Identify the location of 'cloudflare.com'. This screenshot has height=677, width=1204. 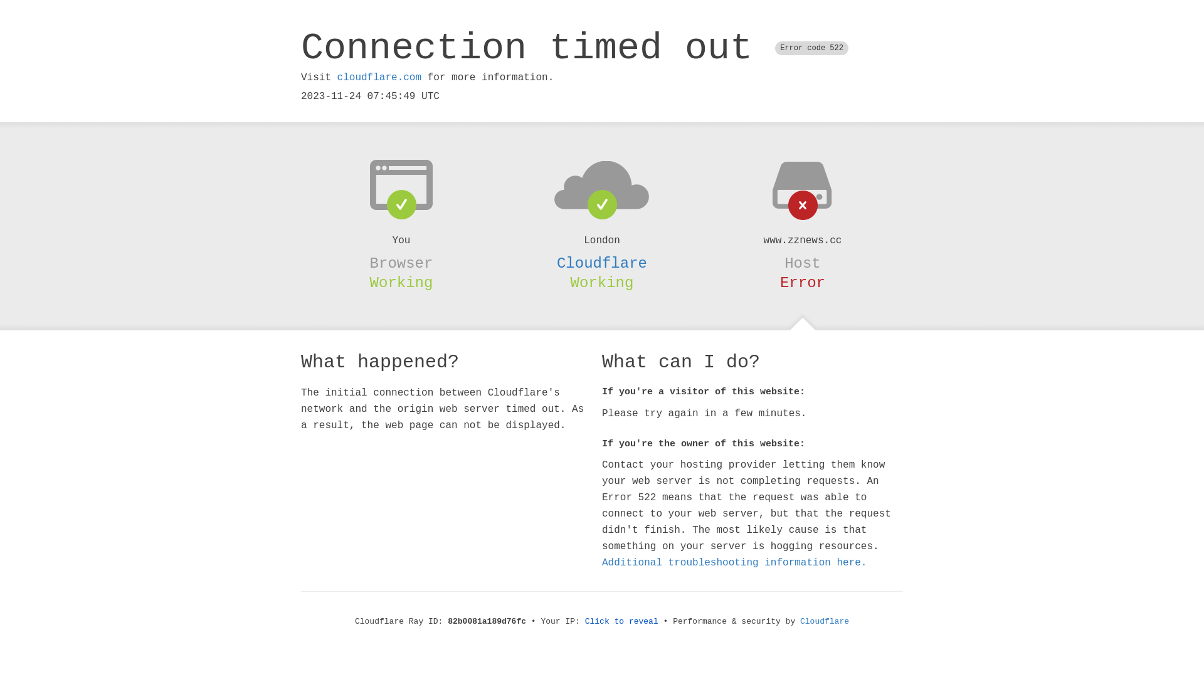
(378, 77).